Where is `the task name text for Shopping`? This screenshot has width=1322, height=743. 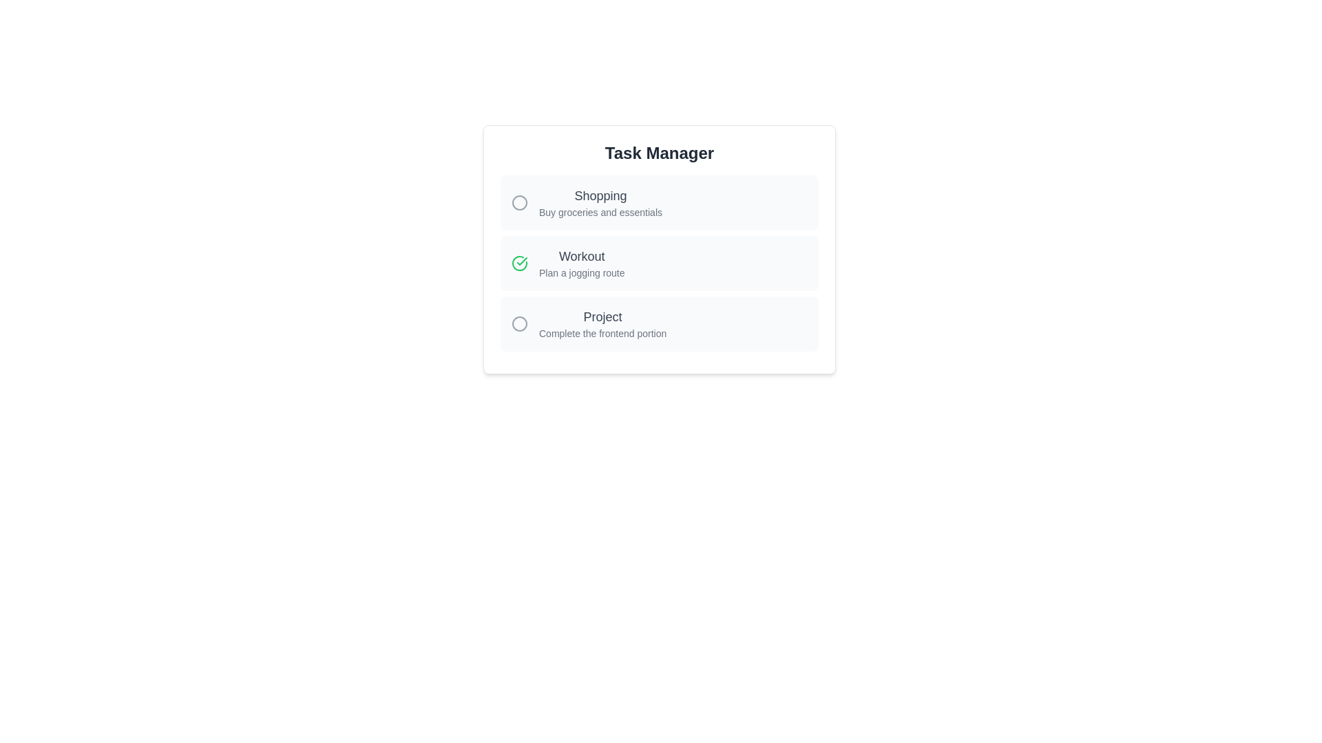 the task name text for Shopping is located at coordinates (587, 196).